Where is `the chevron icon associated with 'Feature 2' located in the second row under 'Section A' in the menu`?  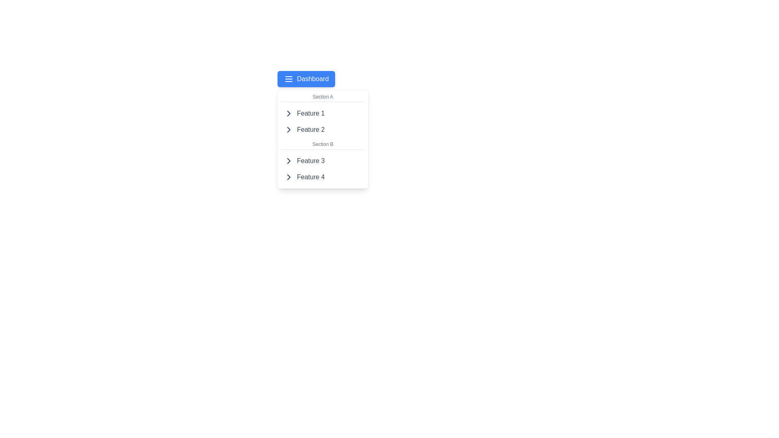 the chevron icon associated with 'Feature 2' located in the second row under 'Section A' in the menu is located at coordinates (288, 129).